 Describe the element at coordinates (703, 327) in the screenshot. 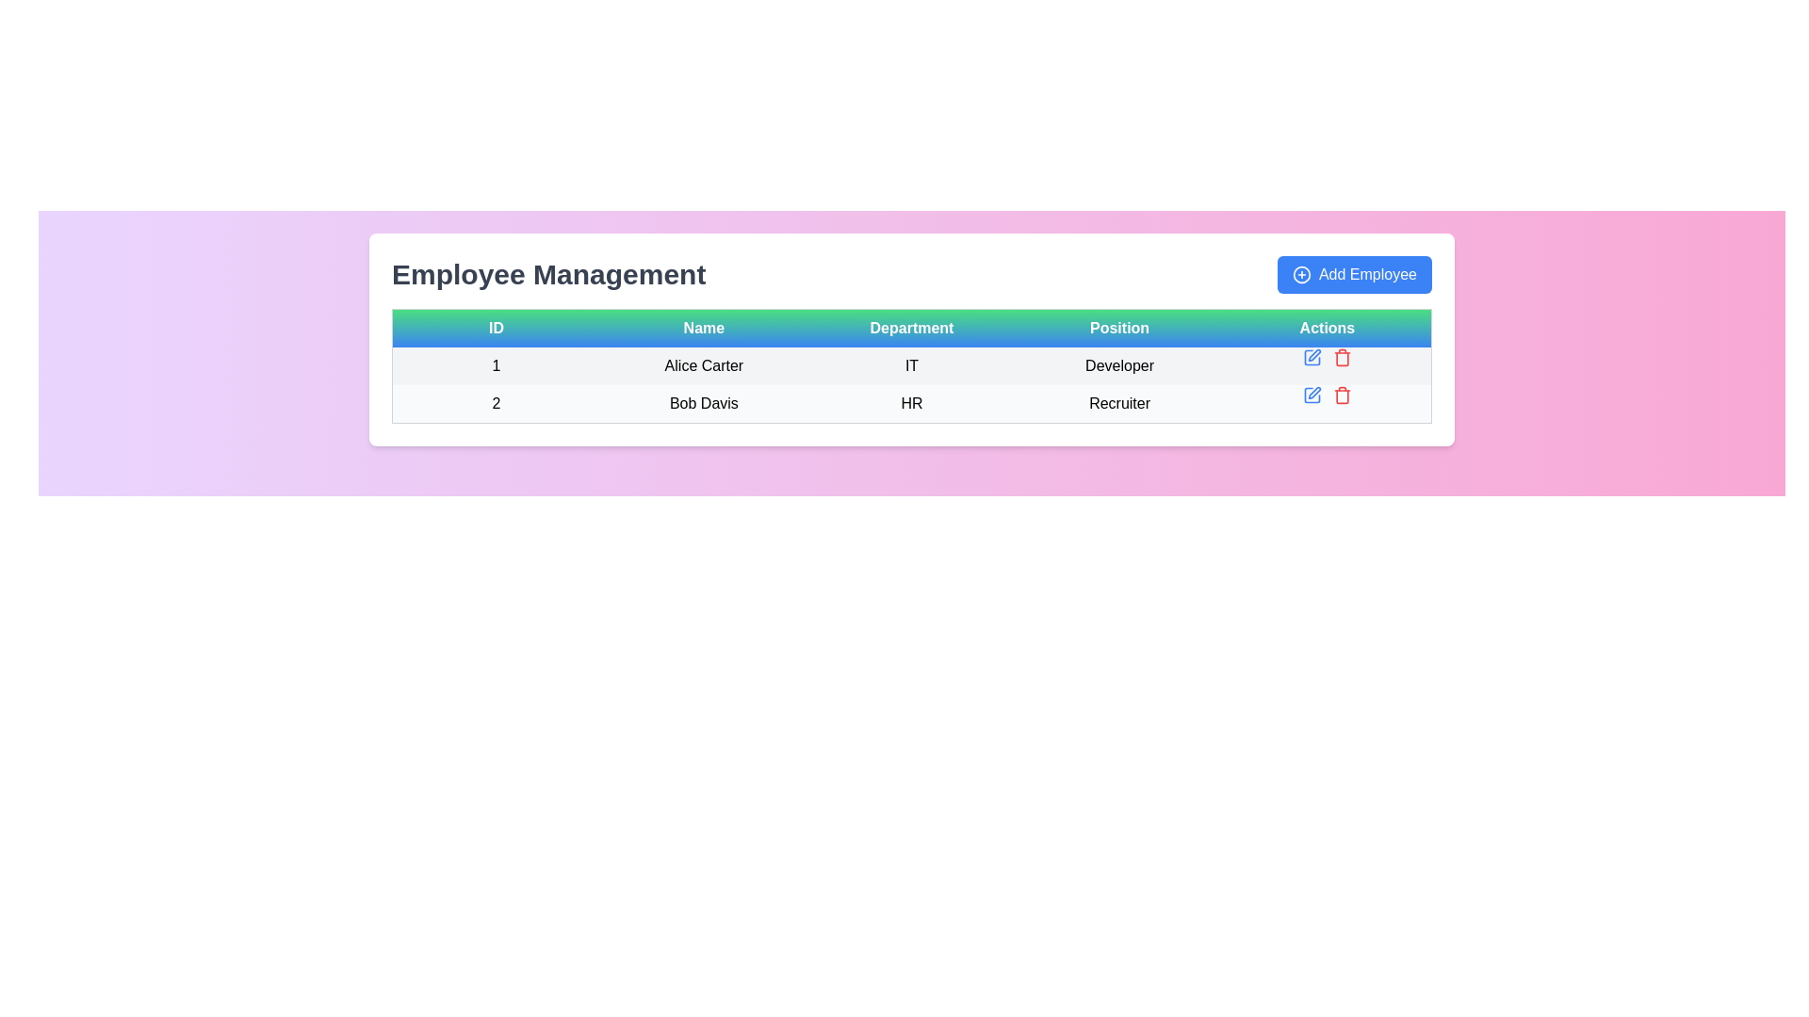

I see `the 'Name' text label, which is a rectangular label with a gradient background transitioning from green to blue, containing the text 'Name' in bold, white, and centered font` at that location.